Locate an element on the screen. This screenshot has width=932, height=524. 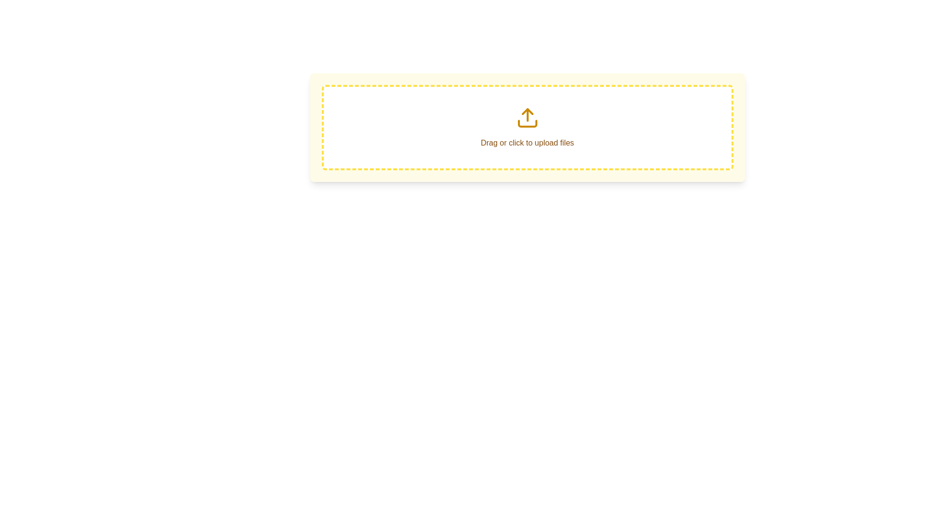
the label that reads 'Drag or click to upload files', which is styled in a medium-large bold font and located within a white section with a faint yellow background and bordered by a dotted yellow box is located at coordinates (527, 143).